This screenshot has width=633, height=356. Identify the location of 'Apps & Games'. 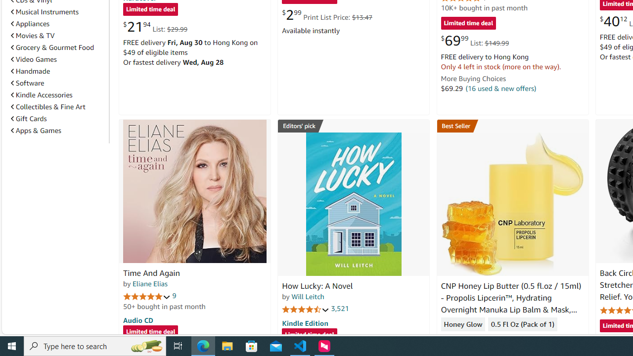
(36, 130).